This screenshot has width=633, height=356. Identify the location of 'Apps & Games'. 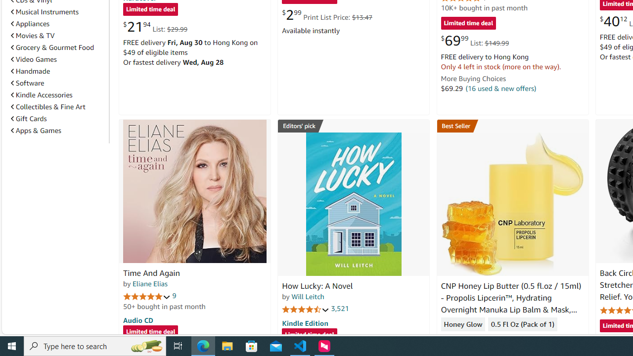
(36, 130).